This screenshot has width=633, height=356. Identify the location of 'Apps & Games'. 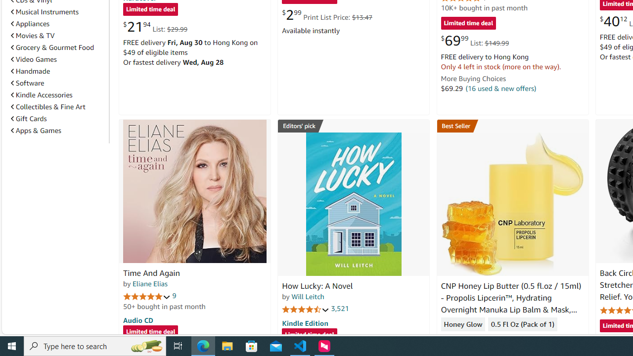
(36, 130).